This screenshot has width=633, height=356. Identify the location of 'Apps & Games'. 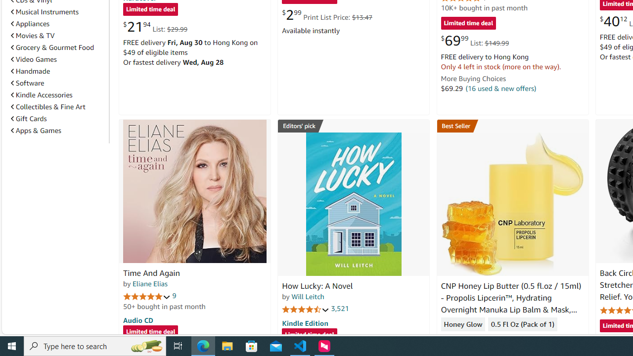
(36, 130).